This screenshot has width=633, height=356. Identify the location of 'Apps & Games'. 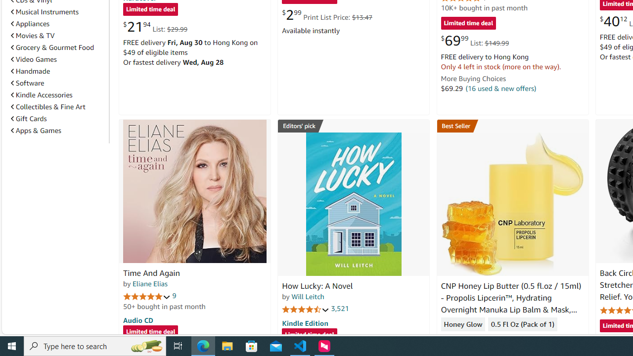
(36, 130).